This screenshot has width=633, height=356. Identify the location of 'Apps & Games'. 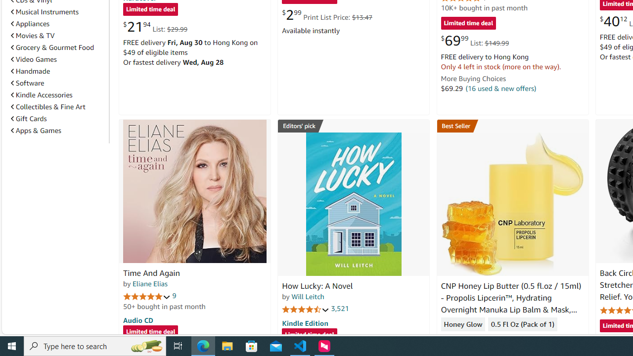
(36, 130).